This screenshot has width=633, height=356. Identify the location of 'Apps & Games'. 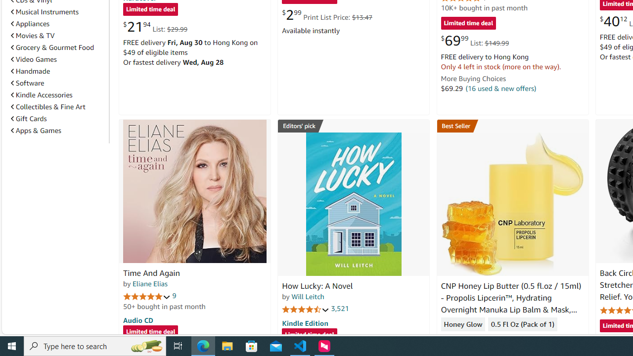
(36, 130).